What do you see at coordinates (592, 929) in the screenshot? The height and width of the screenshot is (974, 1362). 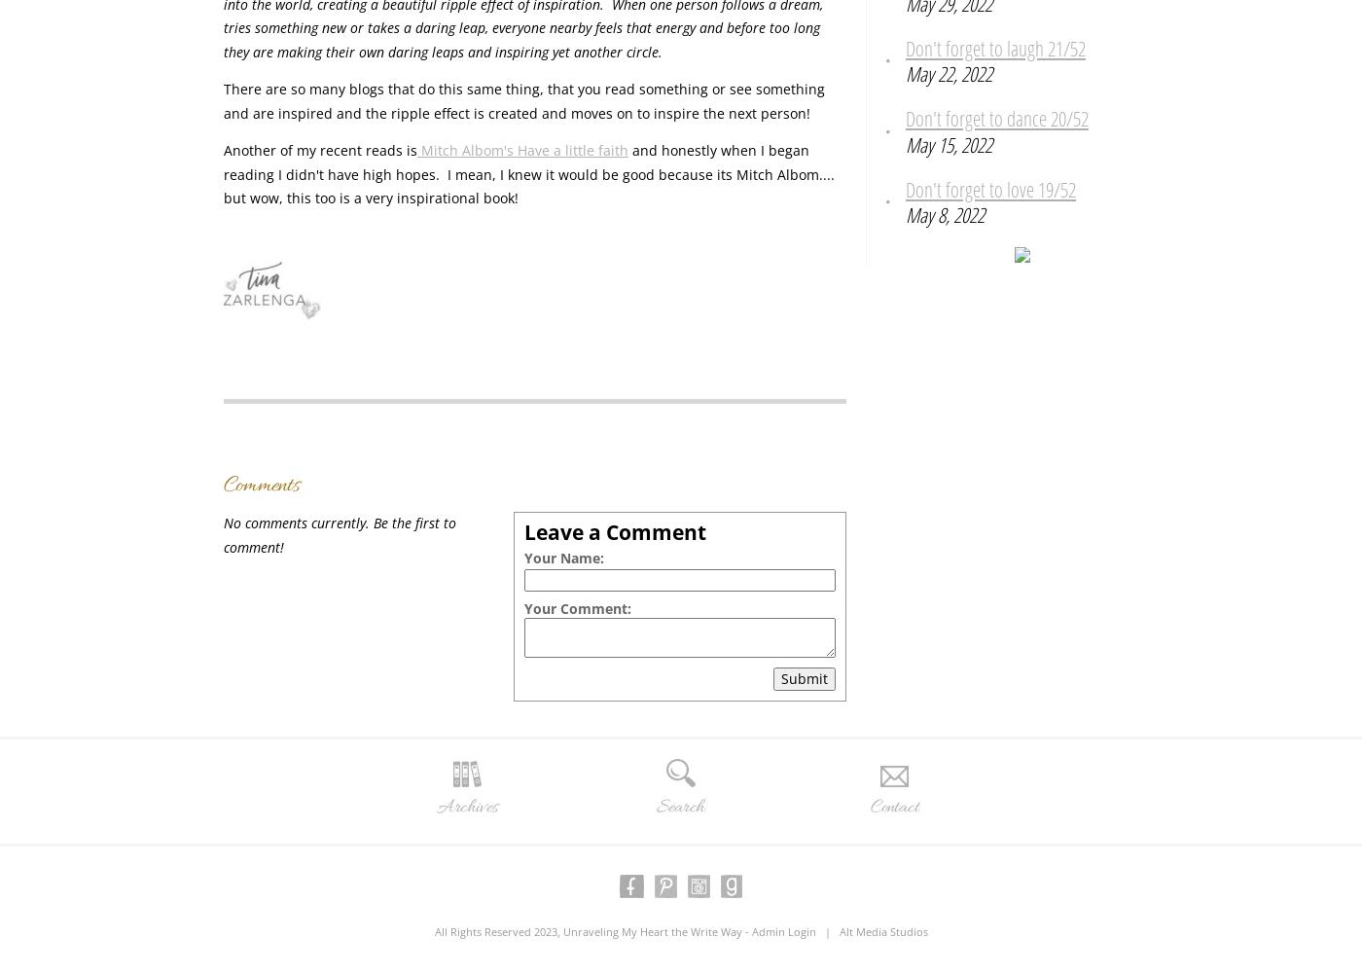 I see `'All Rights Reserved 2023, Unraveling My Heart the Write Way -'` at bounding box center [592, 929].